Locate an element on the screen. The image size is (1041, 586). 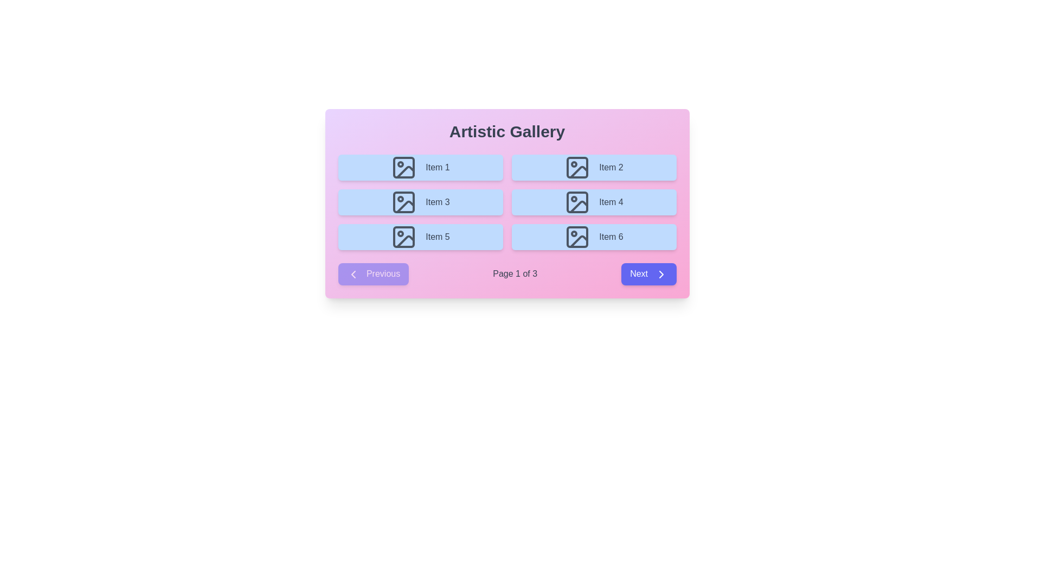
the grid item labeled 'Item 5' is located at coordinates (420, 236).